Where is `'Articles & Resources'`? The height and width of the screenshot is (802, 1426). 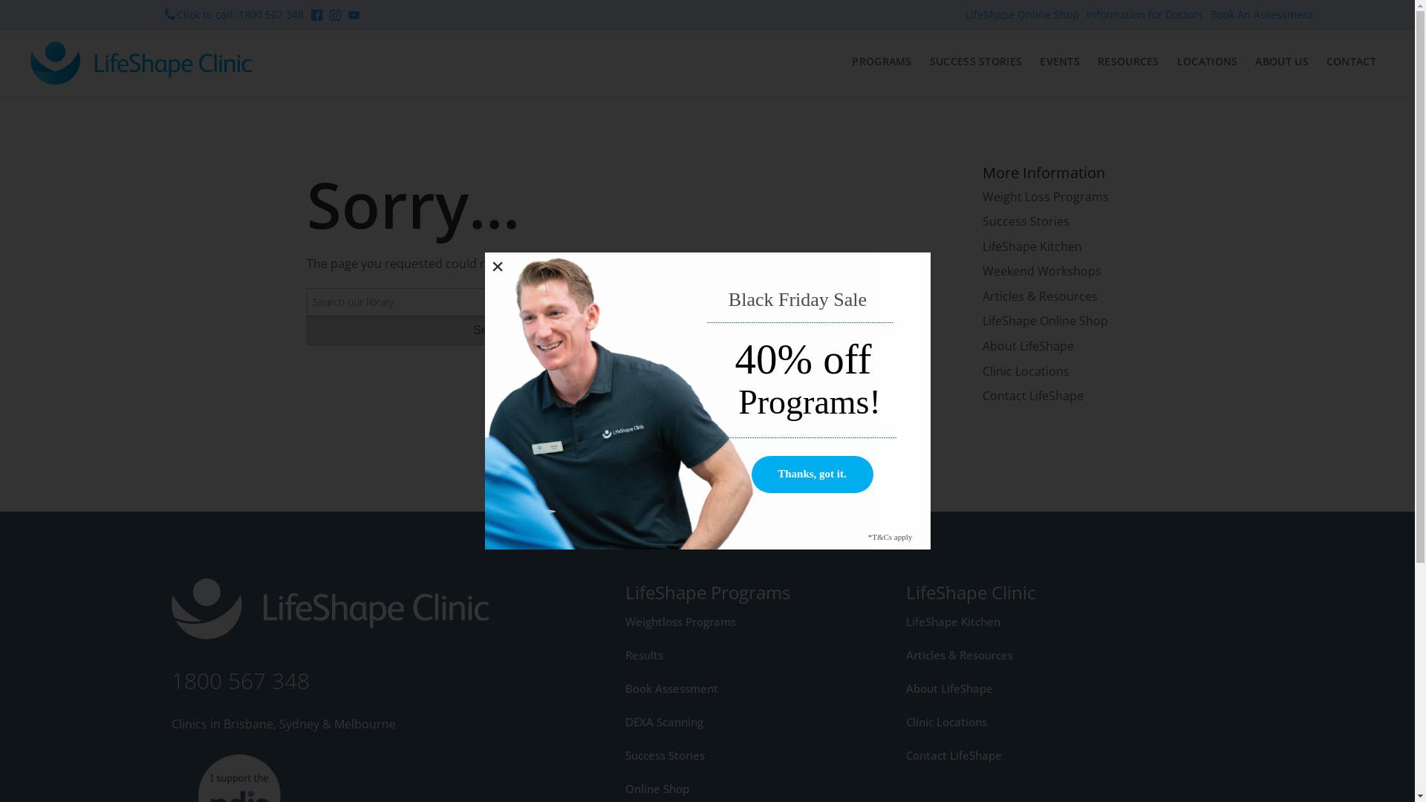
'Articles & Resources' is located at coordinates (1038, 297).